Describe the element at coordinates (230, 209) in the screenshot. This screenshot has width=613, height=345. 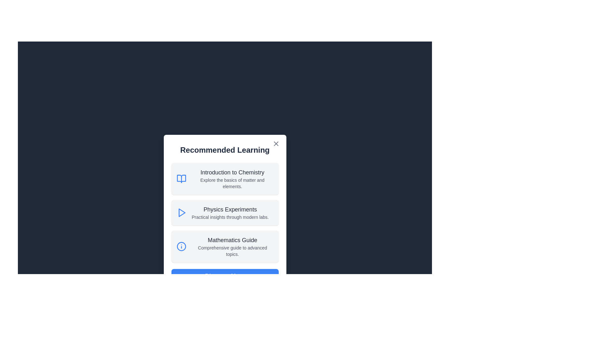
I see `the Text label that serves as a title for 'Physics Experiments' in the 'Recommended Learning' modal` at that location.